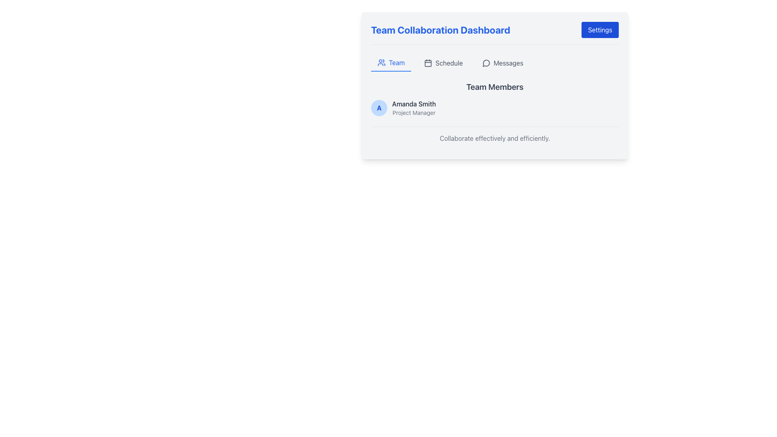 This screenshot has width=777, height=437. Describe the element at coordinates (486, 63) in the screenshot. I see `the third icon from the left in the navigation bar, located above 'Messages'` at that location.